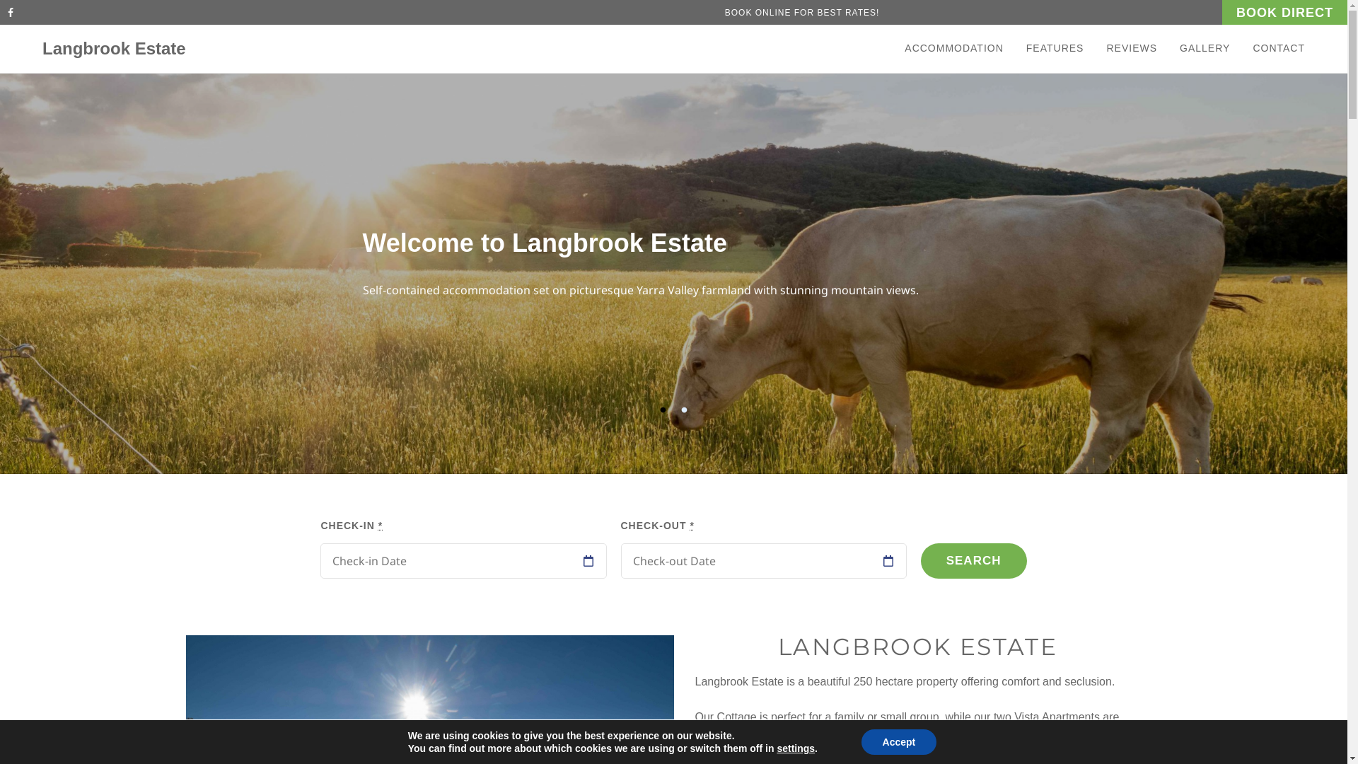  I want to click on '1', so click(655, 410).